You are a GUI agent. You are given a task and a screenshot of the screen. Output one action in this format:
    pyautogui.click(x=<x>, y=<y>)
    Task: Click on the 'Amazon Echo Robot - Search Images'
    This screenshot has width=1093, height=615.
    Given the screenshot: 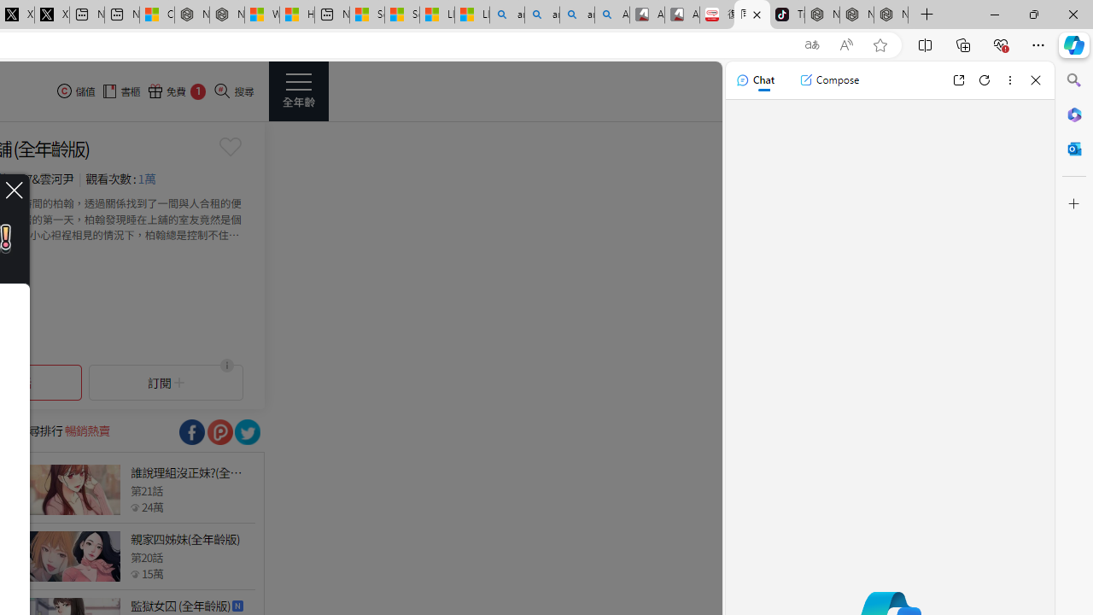 What is the action you would take?
    pyautogui.click(x=612, y=15)
    